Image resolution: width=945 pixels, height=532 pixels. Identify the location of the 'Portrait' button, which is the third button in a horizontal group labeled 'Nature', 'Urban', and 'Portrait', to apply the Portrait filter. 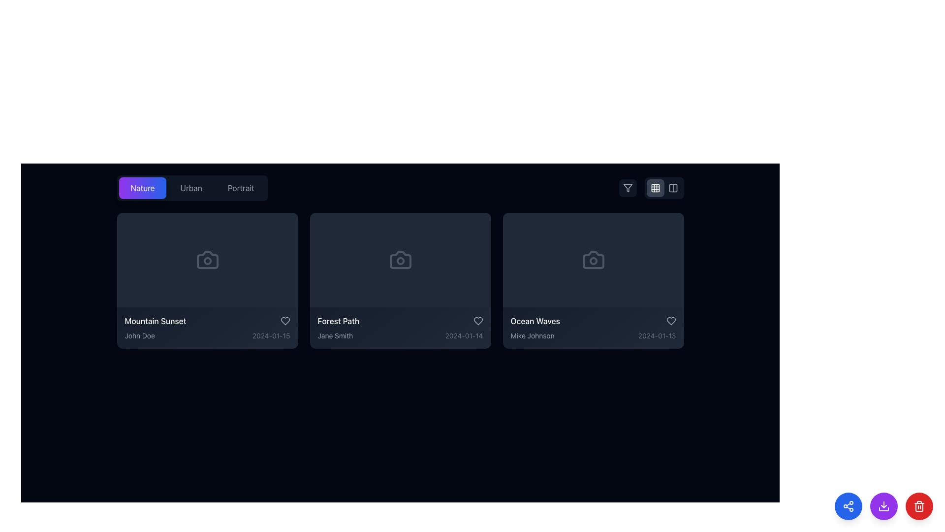
(241, 188).